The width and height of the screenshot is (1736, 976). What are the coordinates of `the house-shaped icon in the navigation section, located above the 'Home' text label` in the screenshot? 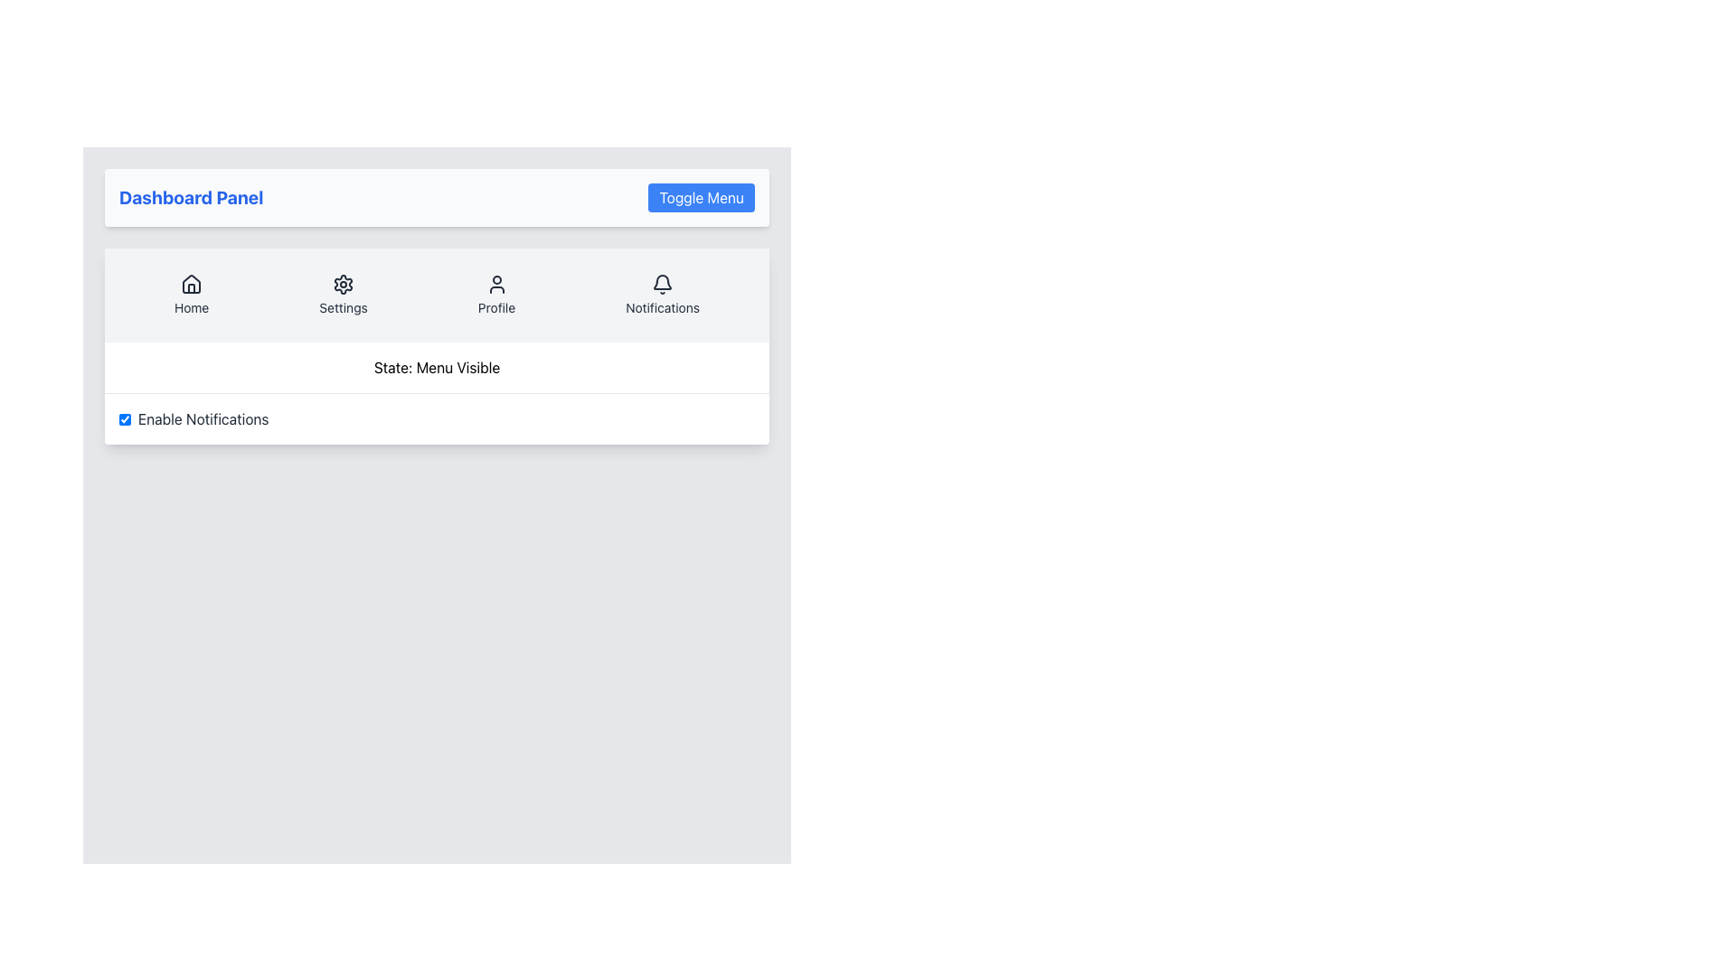 It's located at (192, 285).